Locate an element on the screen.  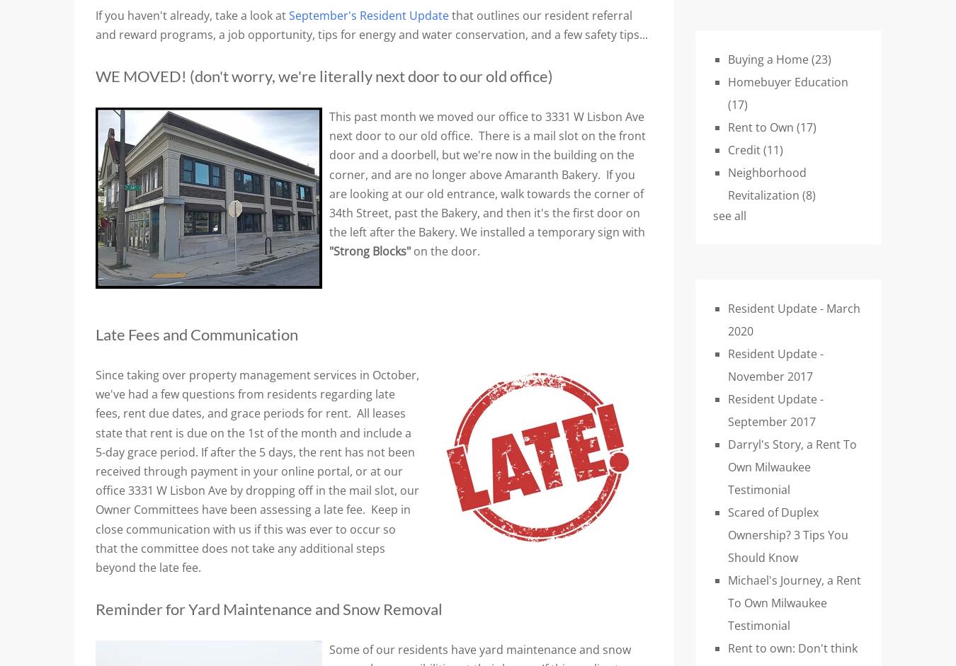
'on the door.' is located at coordinates (445, 251).